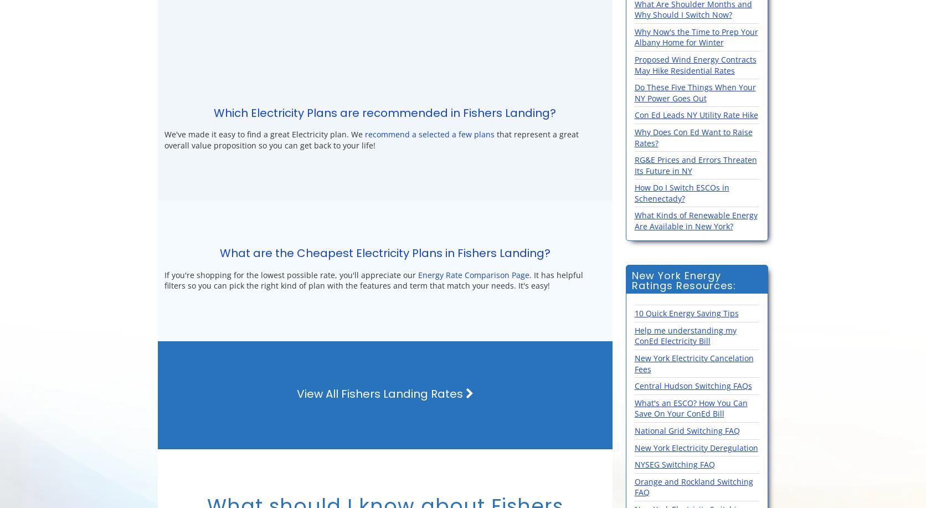 This screenshot has height=508, width=926. I want to click on 'Help me understanding my ConEd Electricity Bill', so click(684, 335).